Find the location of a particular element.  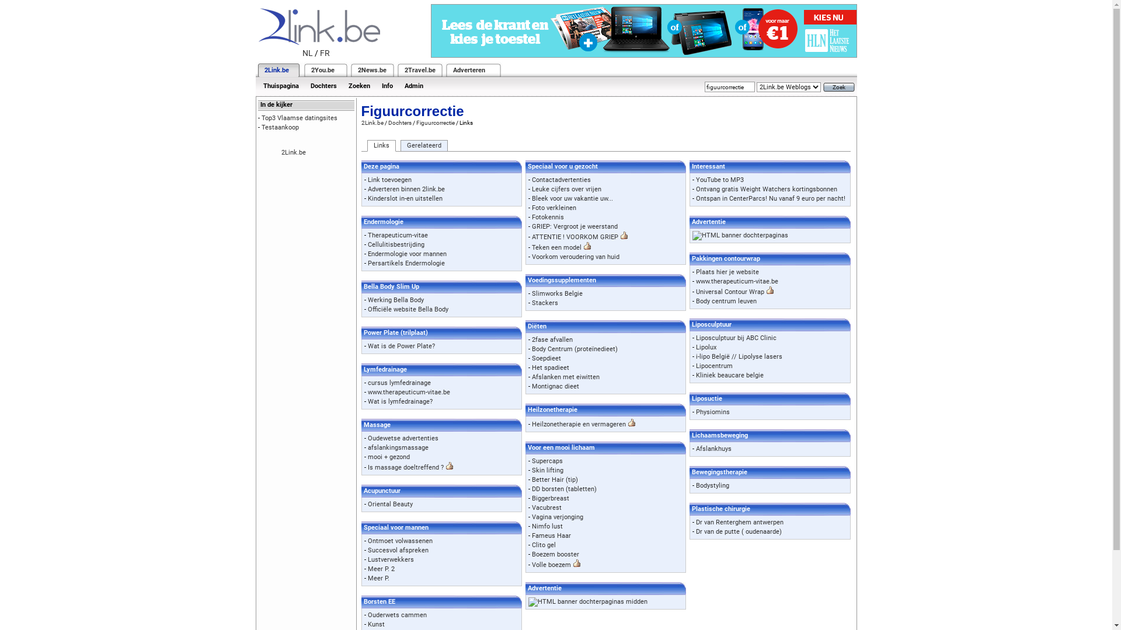

'Wat is de Power Plate?' is located at coordinates (401, 345).